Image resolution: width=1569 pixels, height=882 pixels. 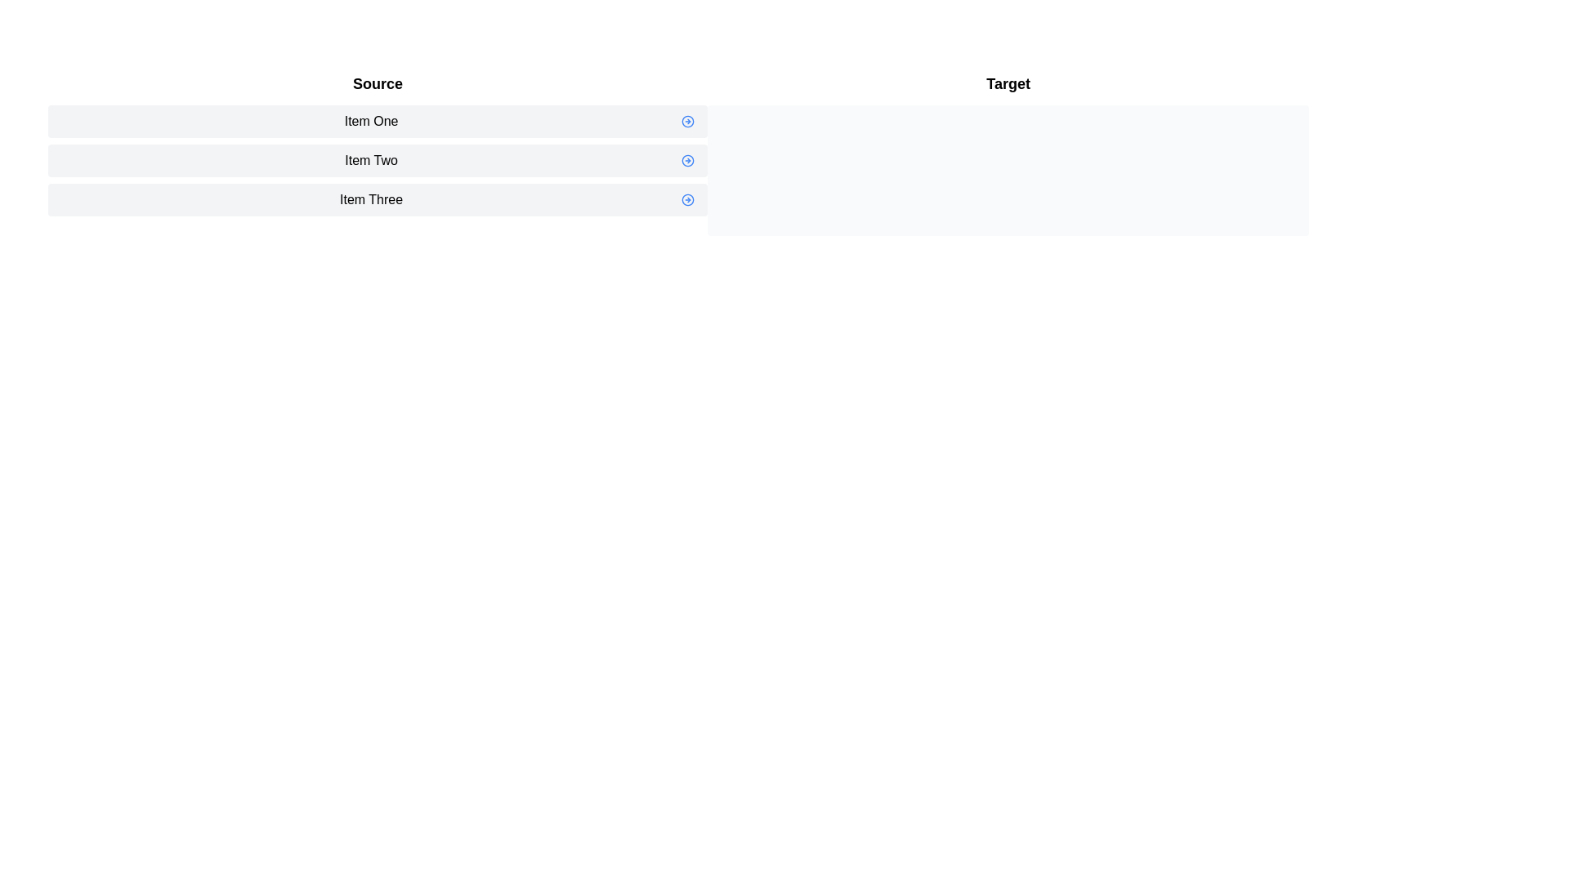 What do you see at coordinates (688, 121) in the screenshot?
I see `the interactive Icon Button located at the rightmost position of the 'Item One' row` at bounding box center [688, 121].